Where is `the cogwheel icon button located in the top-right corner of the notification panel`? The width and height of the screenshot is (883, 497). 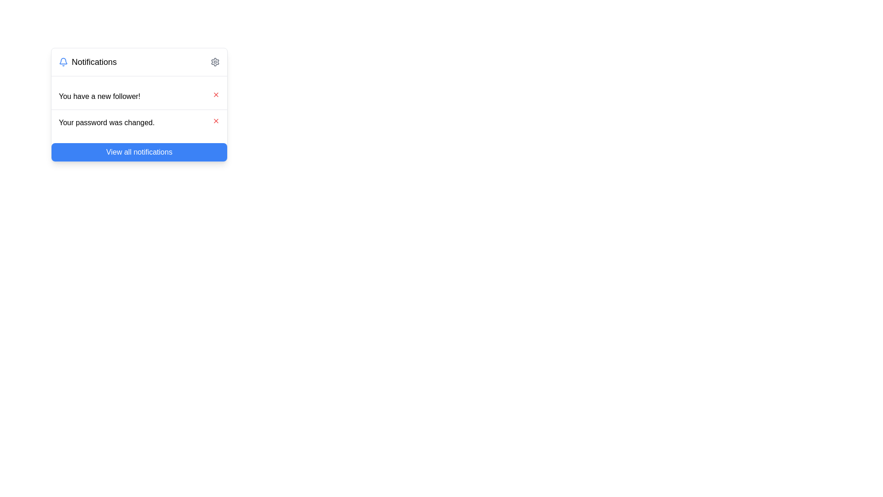 the cogwheel icon button located in the top-right corner of the notification panel is located at coordinates (214, 62).